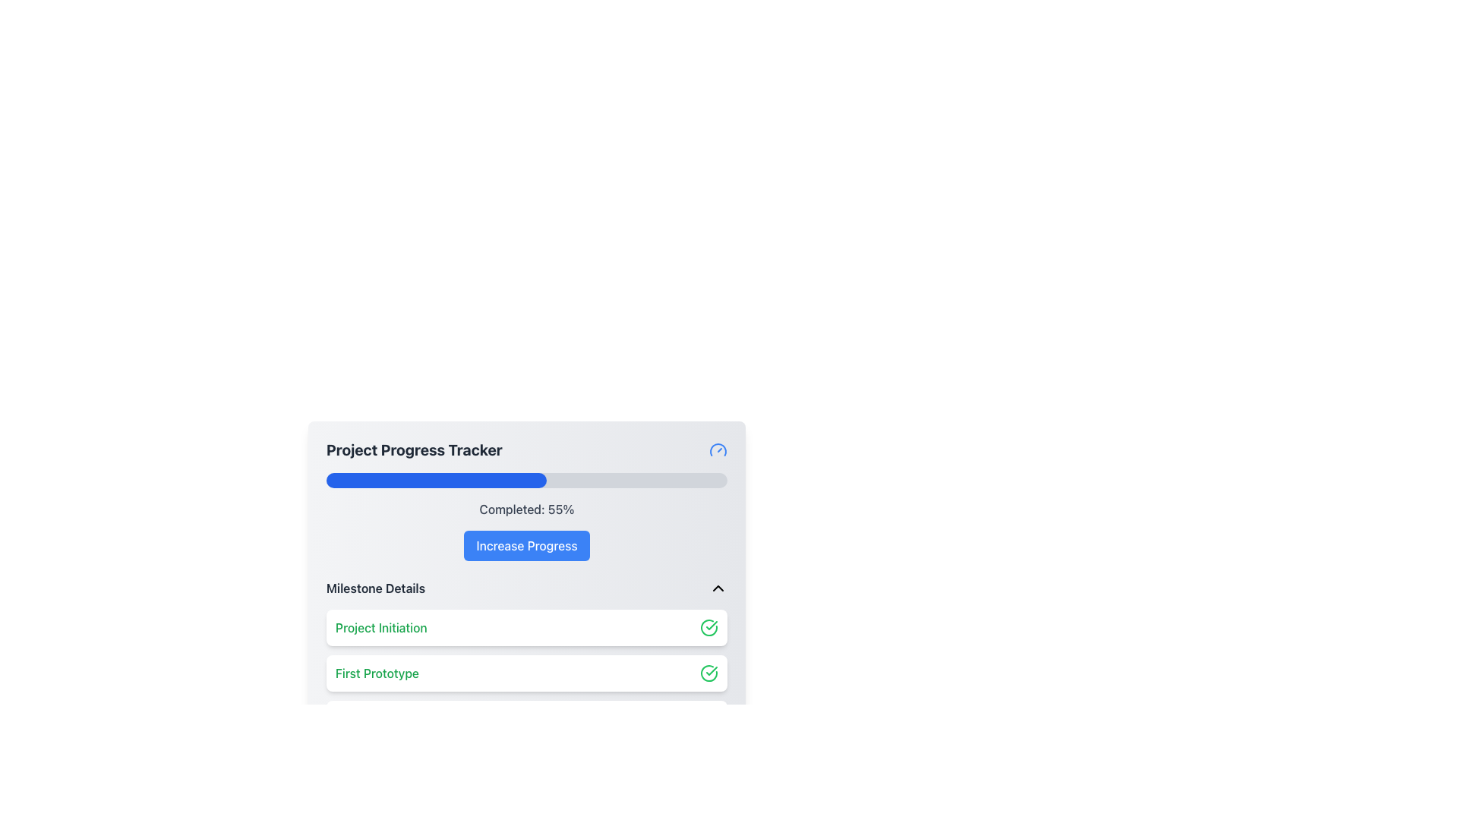 The image size is (1458, 820). Describe the element at coordinates (711, 670) in the screenshot. I see `the checkmark icon indicating the completion status of the 'Project Initiation' milestone, which is located at the bottom-right corner of the first item in the 'Milestone Details' section` at that location.